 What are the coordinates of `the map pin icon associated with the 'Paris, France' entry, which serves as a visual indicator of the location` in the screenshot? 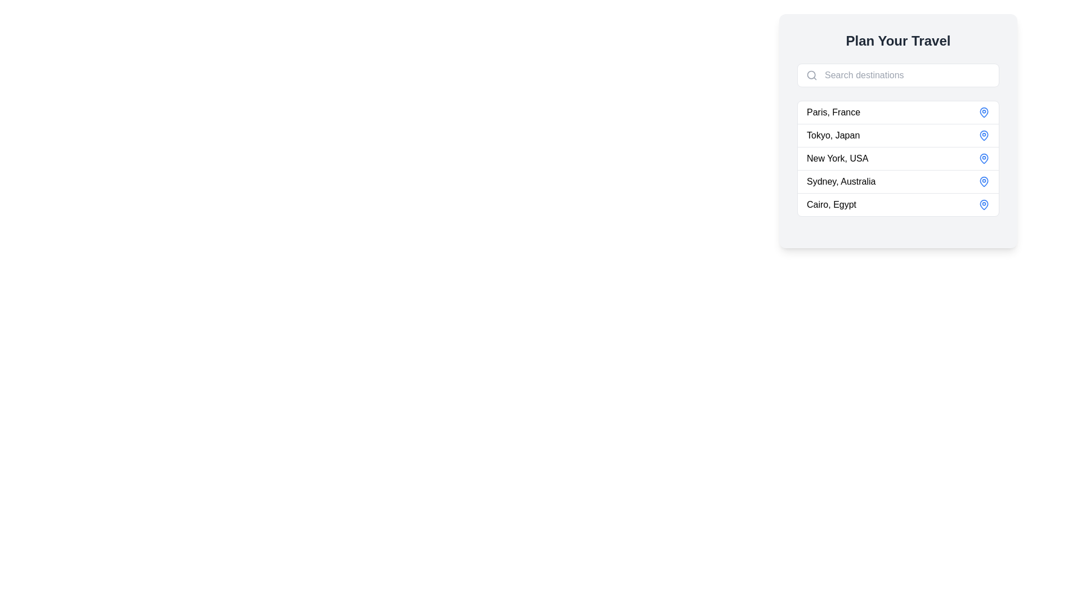 It's located at (983, 113).